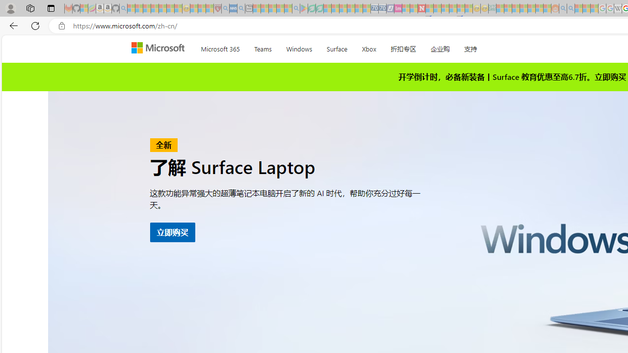 The height and width of the screenshot is (353, 628). Describe the element at coordinates (398, 8) in the screenshot. I see `'Jobs - lastminute.com Investor Portal - Sleeping'` at that location.